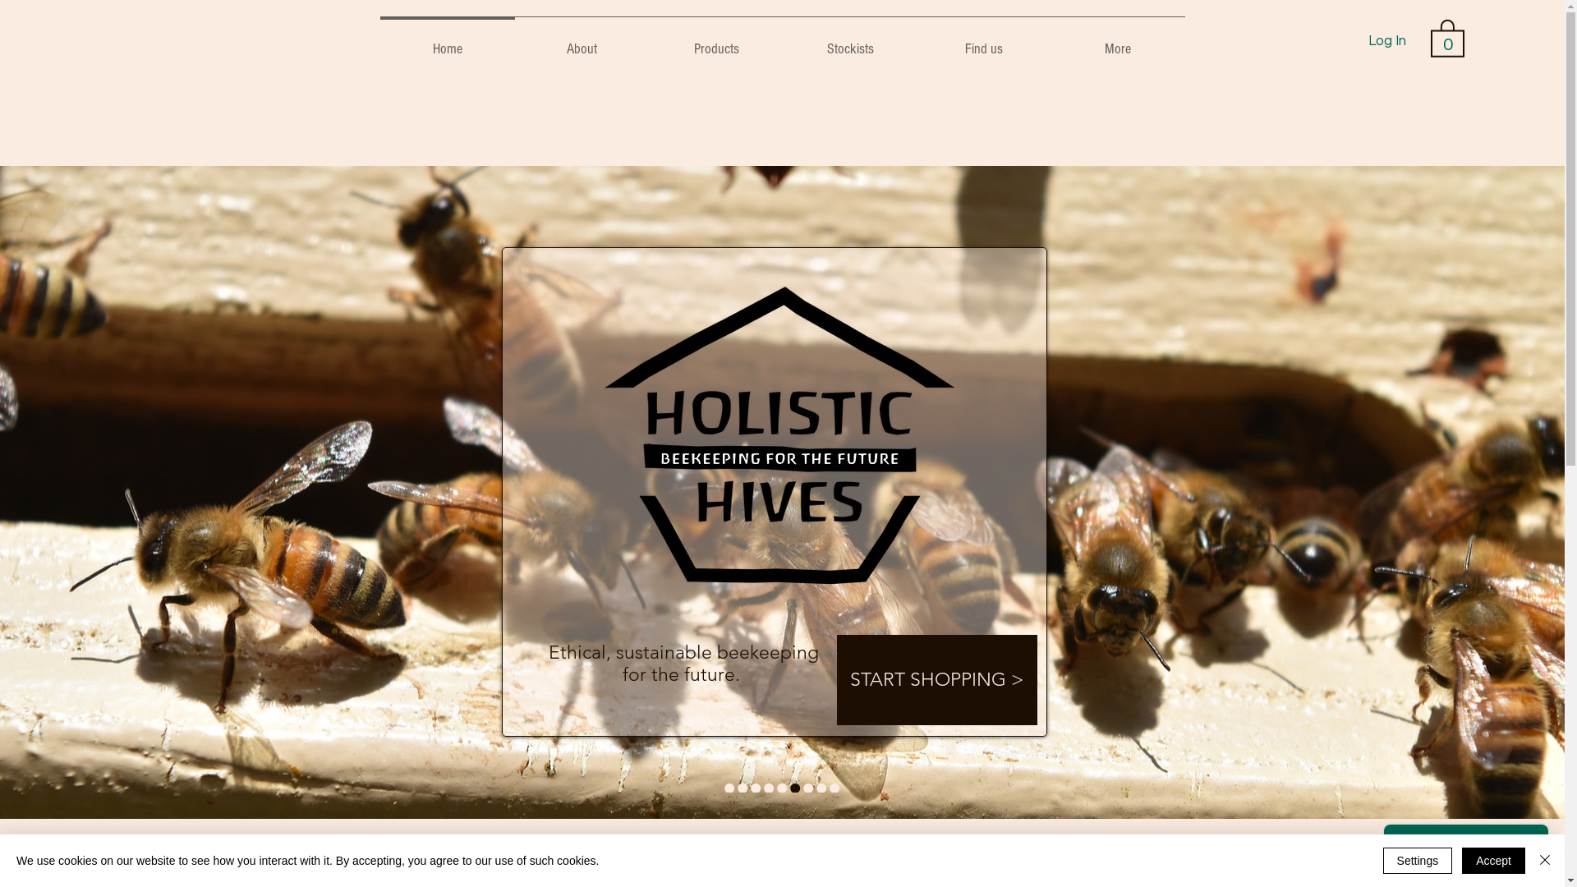 This screenshot has height=887, width=1577. What do you see at coordinates (446, 40) in the screenshot?
I see `'Home'` at bounding box center [446, 40].